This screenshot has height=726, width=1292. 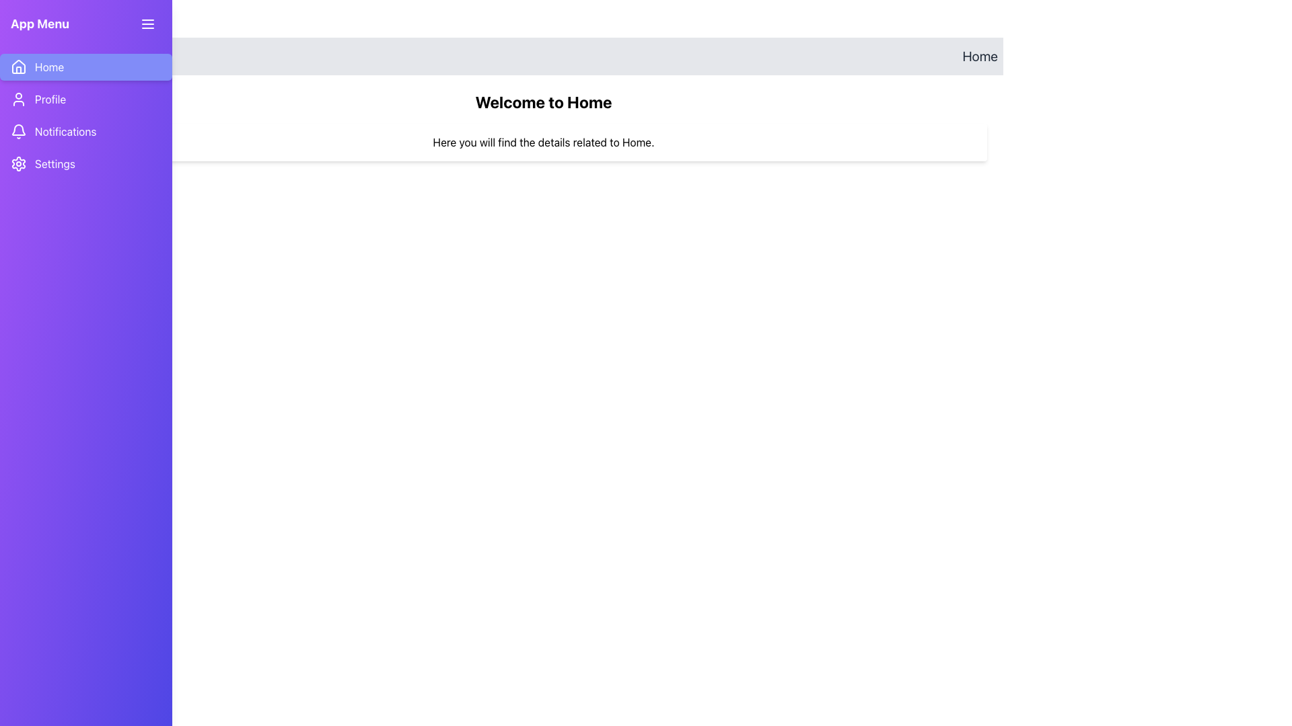 What do you see at coordinates (40, 24) in the screenshot?
I see `the title text element located in the top-left corner of the interface, which serves as a visual identifier for the menu section` at bounding box center [40, 24].